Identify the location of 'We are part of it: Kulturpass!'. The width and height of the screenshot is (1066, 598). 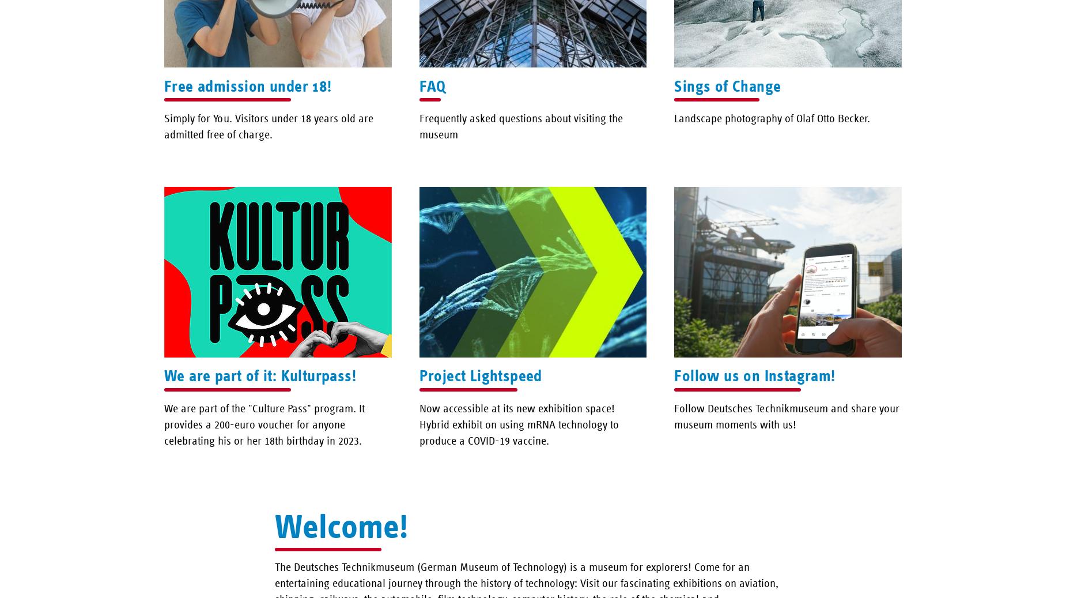
(164, 375).